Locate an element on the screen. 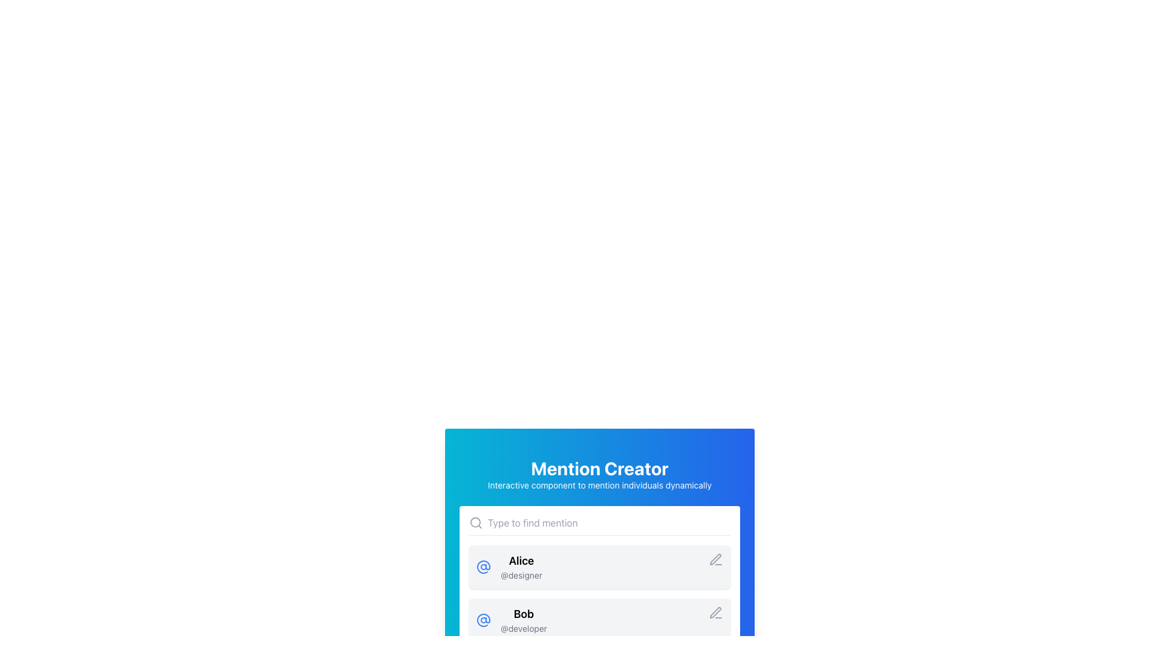 The height and width of the screenshot is (653, 1161). header text located at the top center of the card-like interface, which indicates the primary purpose or title of the current content is located at coordinates (600, 468).